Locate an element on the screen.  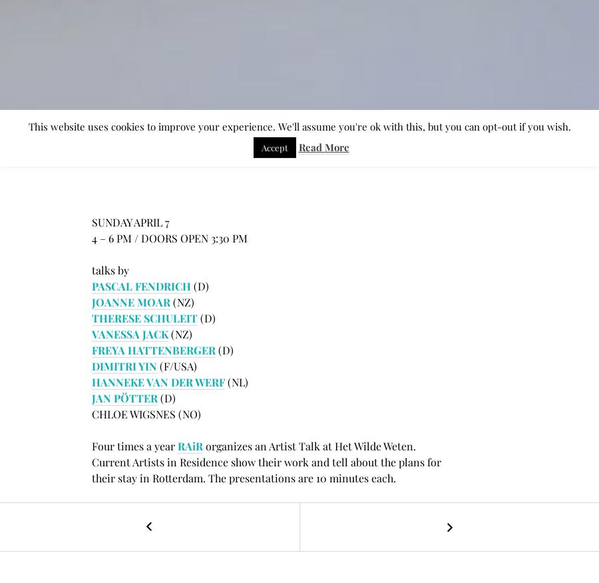
'JAN PÖTTER' is located at coordinates (124, 398).